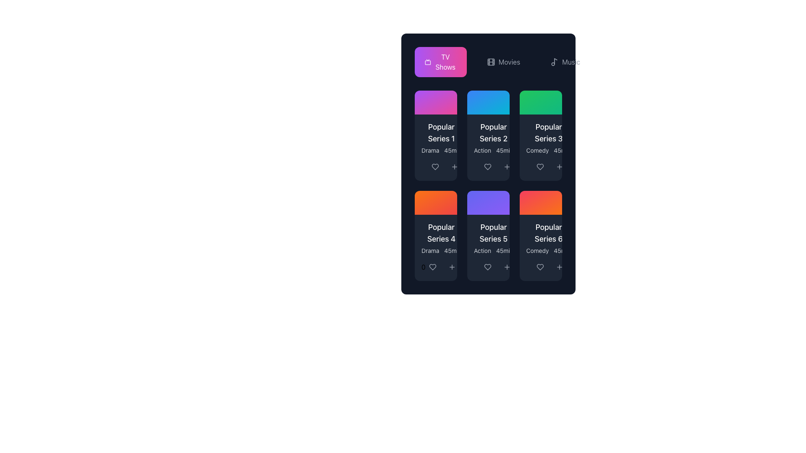 This screenshot has height=453, width=806. I want to click on the 'TV Shows' button, which is the first button in the top navigation area, so click(445, 61).